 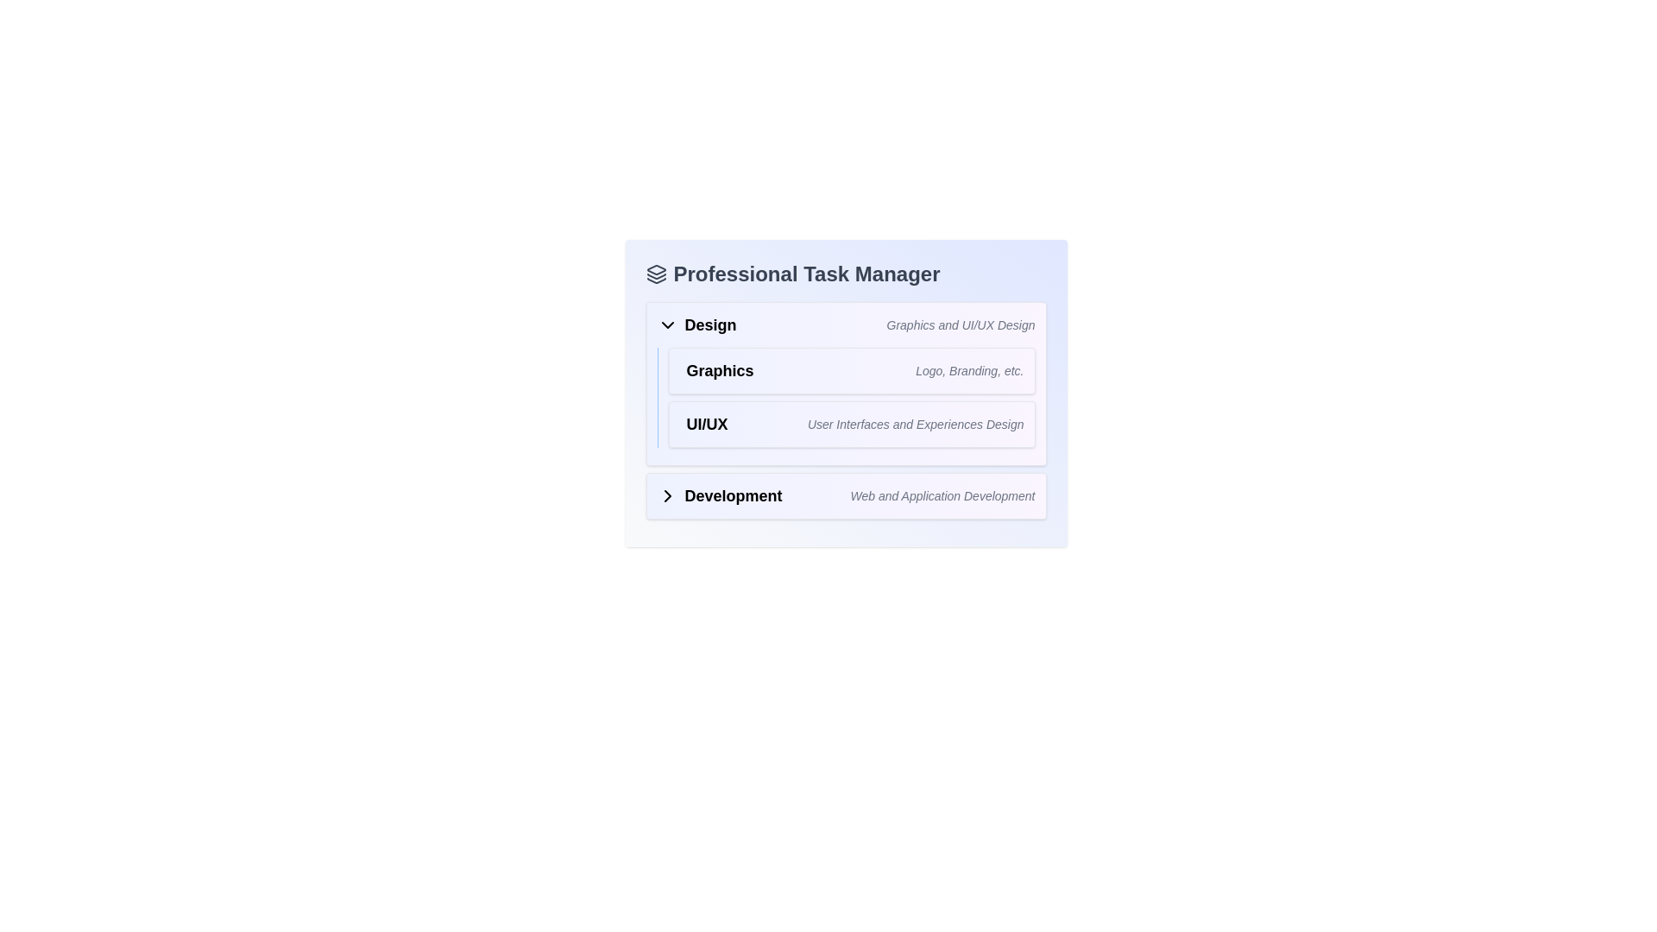 What do you see at coordinates (666, 495) in the screenshot?
I see `the right-pointing chevron icon located to the left of the 'Development' label in the 'Professional Task Manager' section` at bounding box center [666, 495].